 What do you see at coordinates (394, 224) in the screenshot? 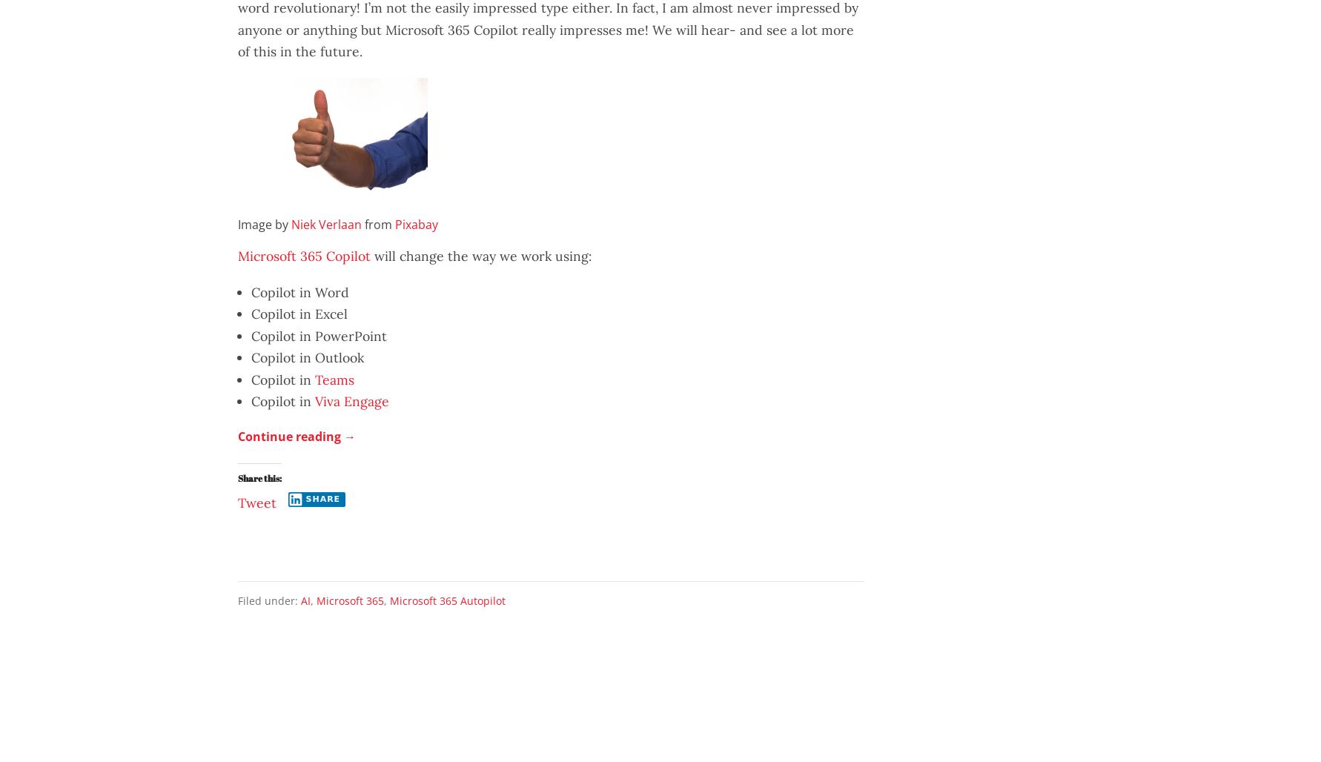
I see `'Pixabay'` at bounding box center [394, 224].